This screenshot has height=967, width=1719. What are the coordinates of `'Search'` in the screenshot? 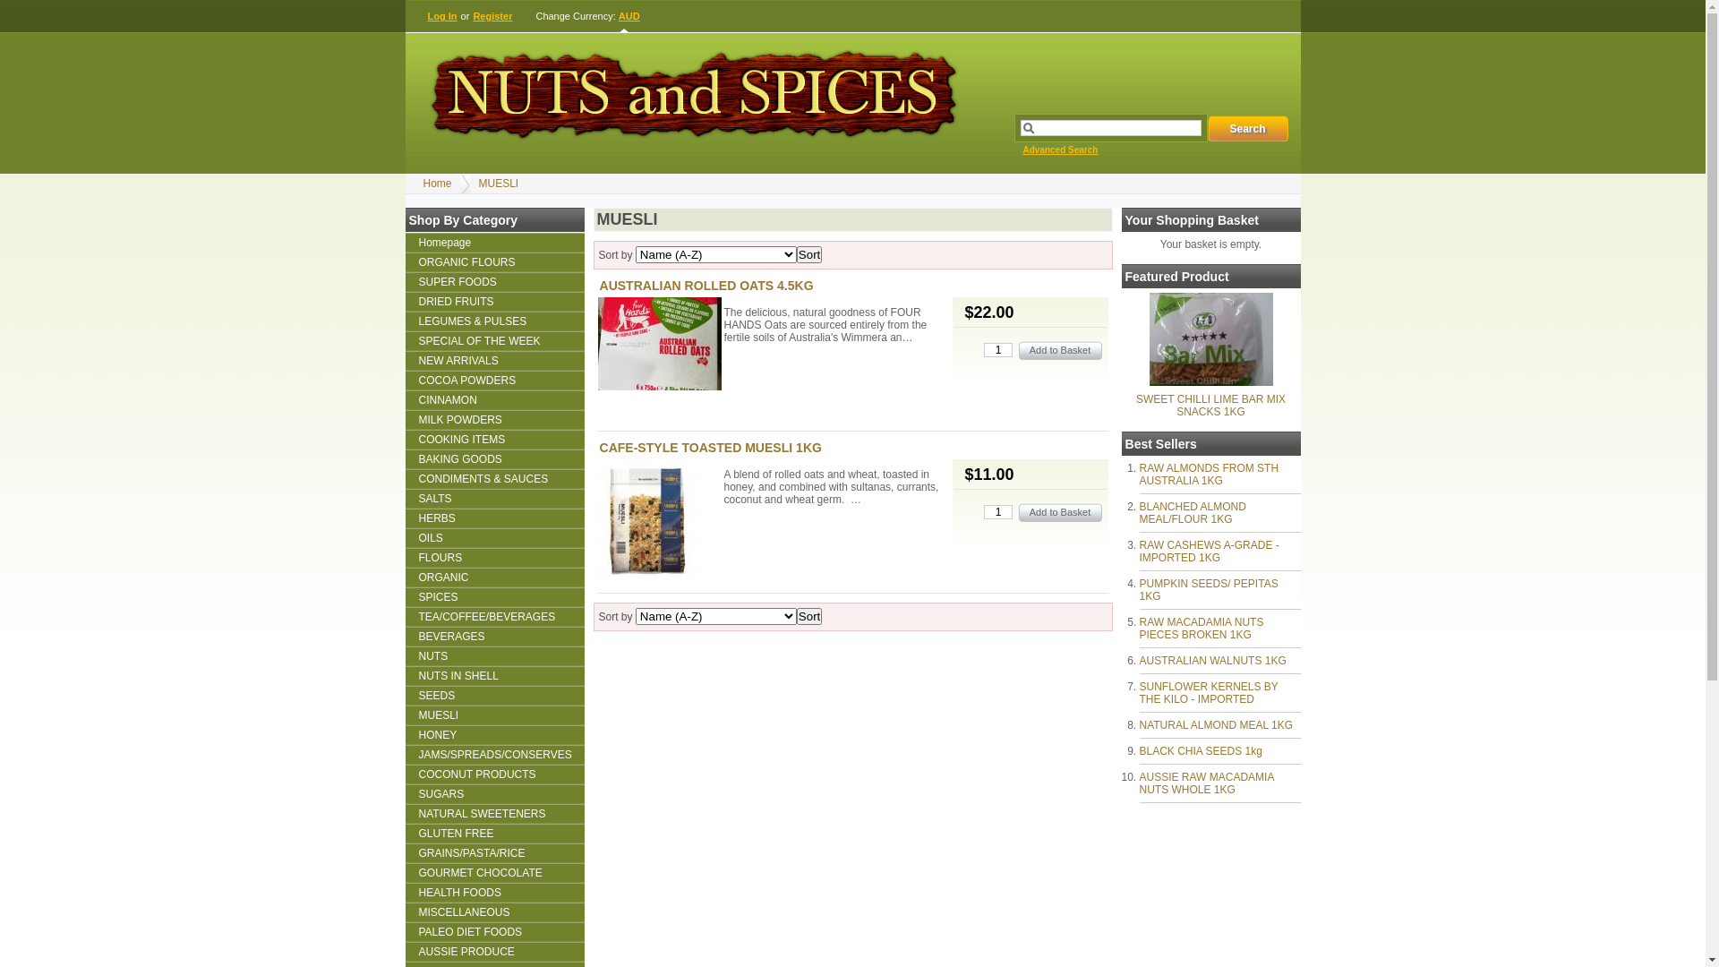 It's located at (1207, 127).